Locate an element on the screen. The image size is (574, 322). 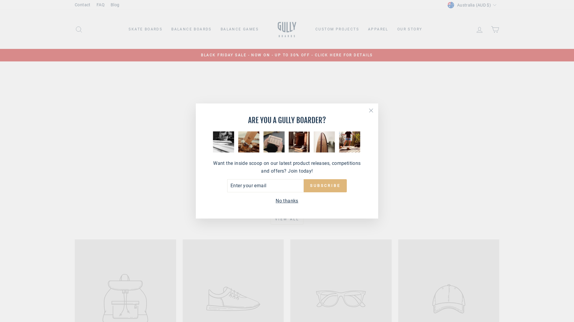
'BALANCE GAMES' is located at coordinates (239, 30).